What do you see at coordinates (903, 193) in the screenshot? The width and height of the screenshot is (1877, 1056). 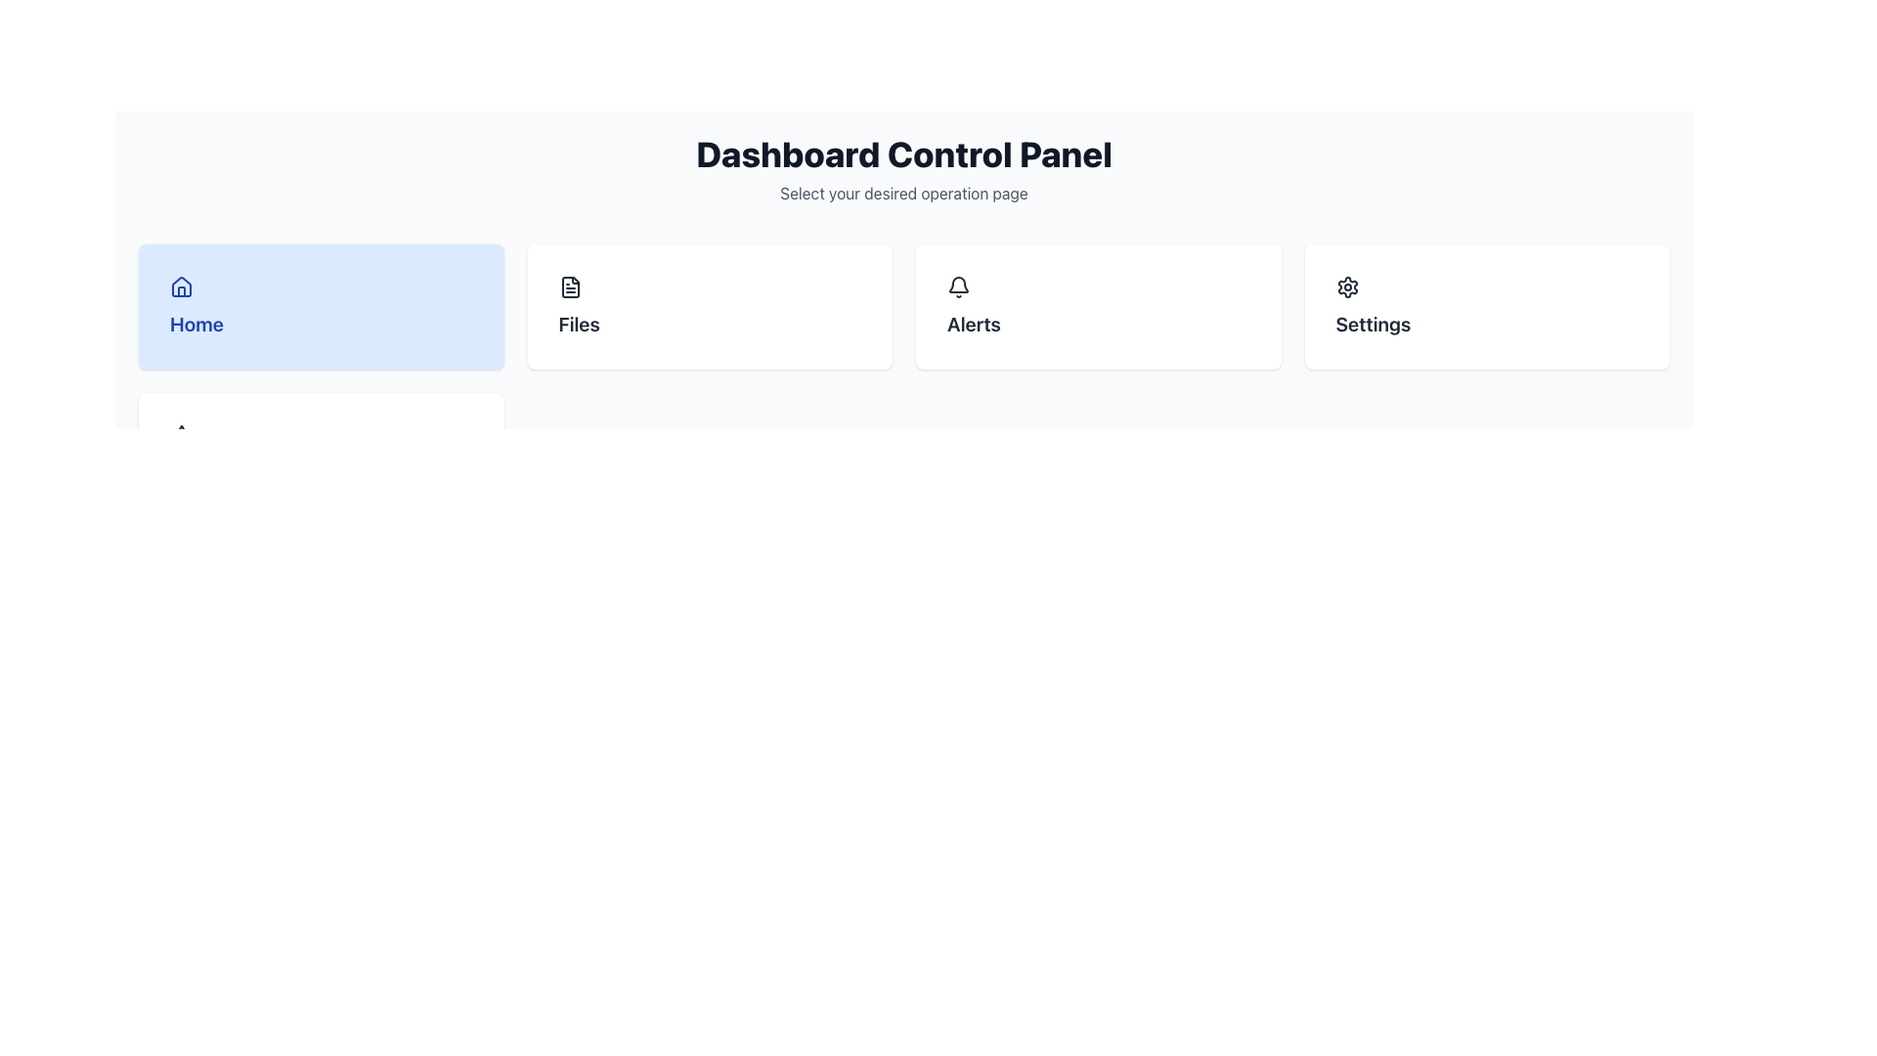 I see `the instructional Text Label located below the 'Dashboard Control Panel' heading, which provides guidance to the user` at bounding box center [903, 193].